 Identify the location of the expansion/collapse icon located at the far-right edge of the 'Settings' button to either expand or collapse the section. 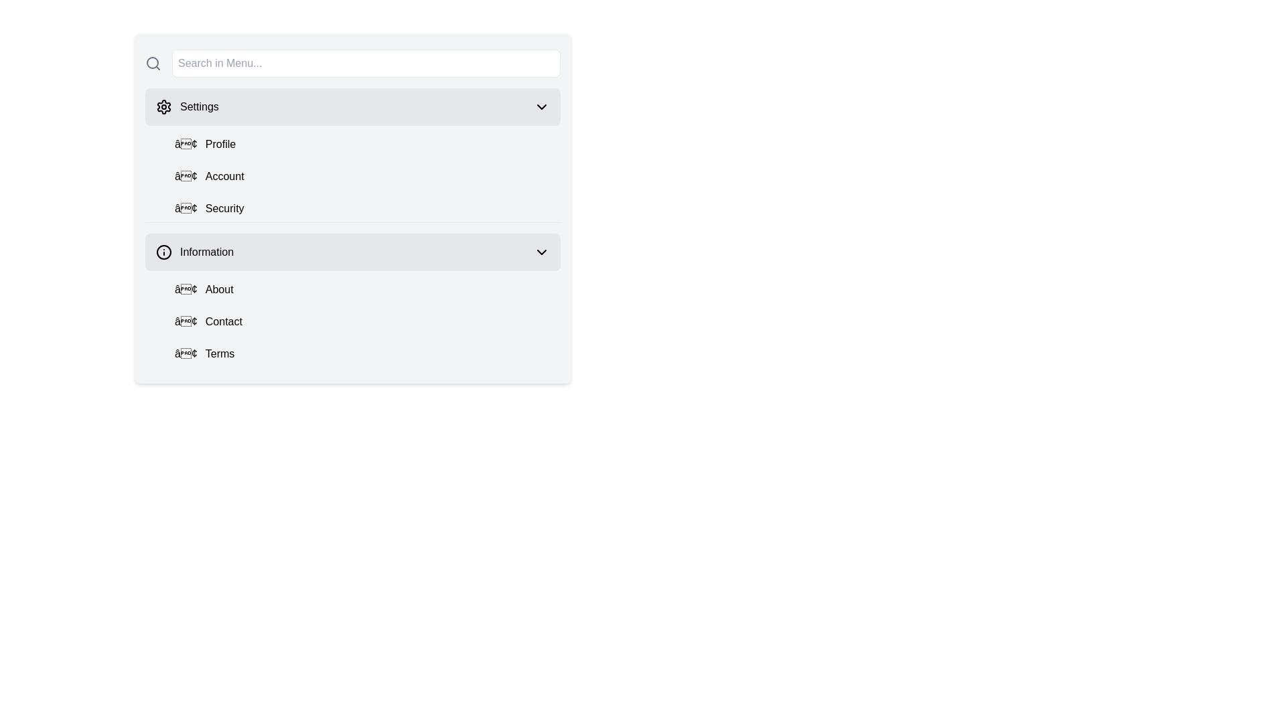
(542, 106).